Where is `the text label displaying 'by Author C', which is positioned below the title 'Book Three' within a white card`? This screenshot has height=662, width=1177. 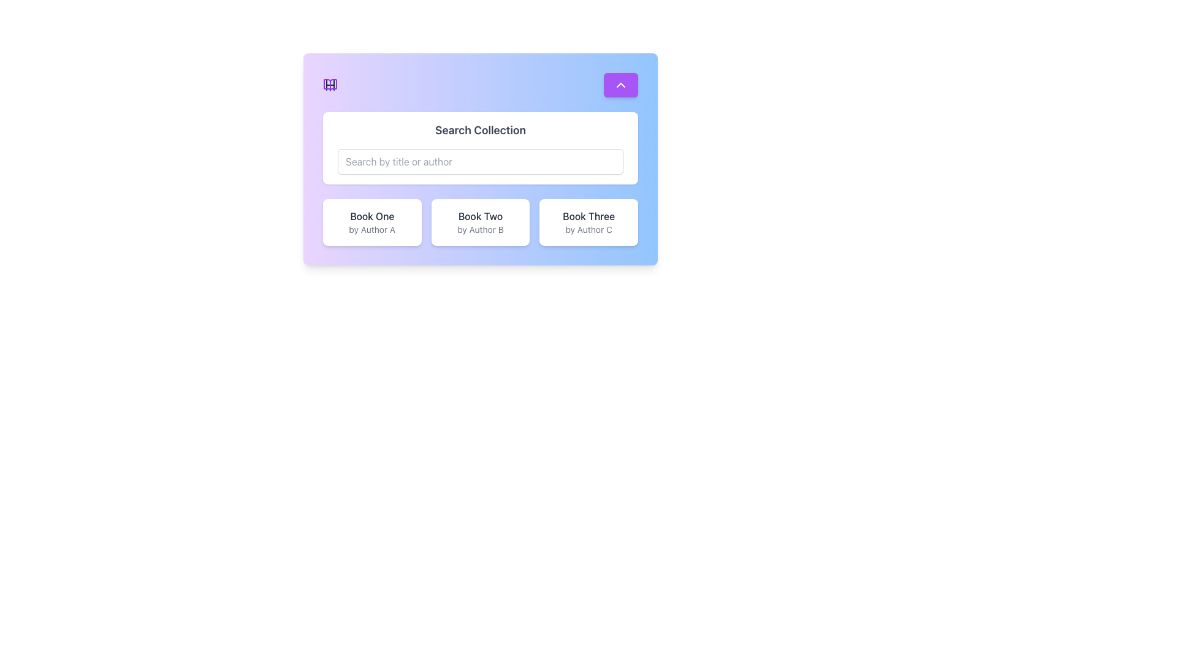
the text label displaying 'by Author C', which is positioned below the title 'Book Three' within a white card is located at coordinates (588, 229).